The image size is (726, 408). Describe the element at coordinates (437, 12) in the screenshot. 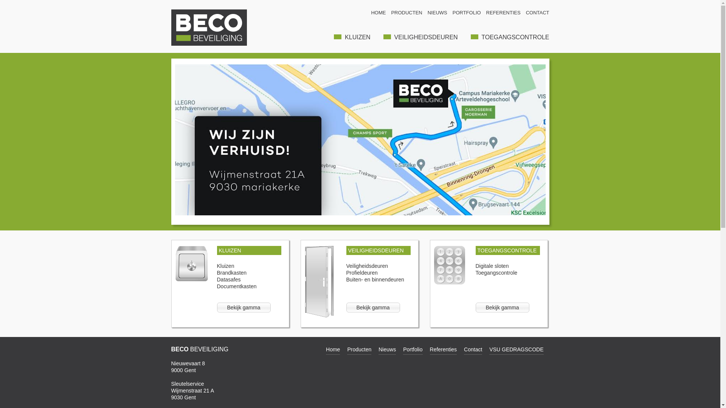

I see `'NIEUWS'` at that location.